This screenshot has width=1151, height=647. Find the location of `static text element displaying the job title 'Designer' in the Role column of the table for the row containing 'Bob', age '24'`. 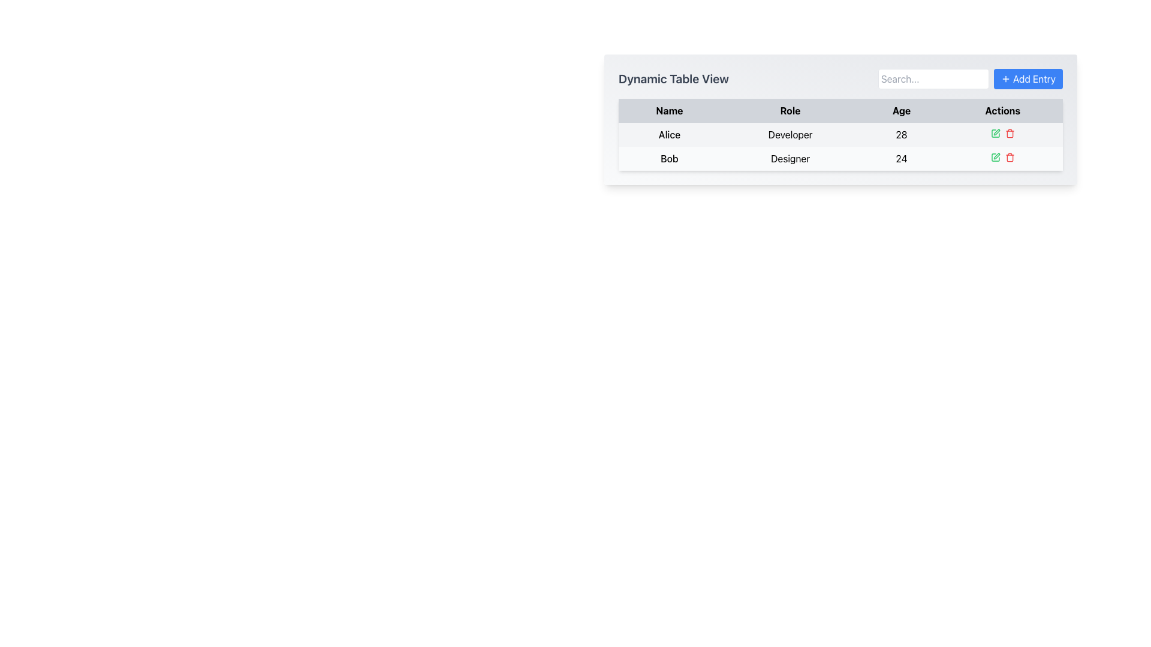

static text element displaying the job title 'Designer' in the Role column of the table for the row containing 'Bob', age '24' is located at coordinates (790, 158).